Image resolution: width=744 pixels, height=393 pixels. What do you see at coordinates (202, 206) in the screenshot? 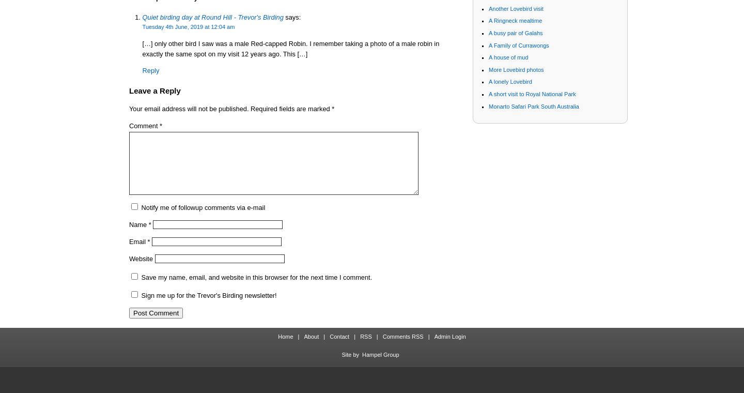
I see `'Notify me of followup comments via e-mail'` at bounding box center [202, 206].